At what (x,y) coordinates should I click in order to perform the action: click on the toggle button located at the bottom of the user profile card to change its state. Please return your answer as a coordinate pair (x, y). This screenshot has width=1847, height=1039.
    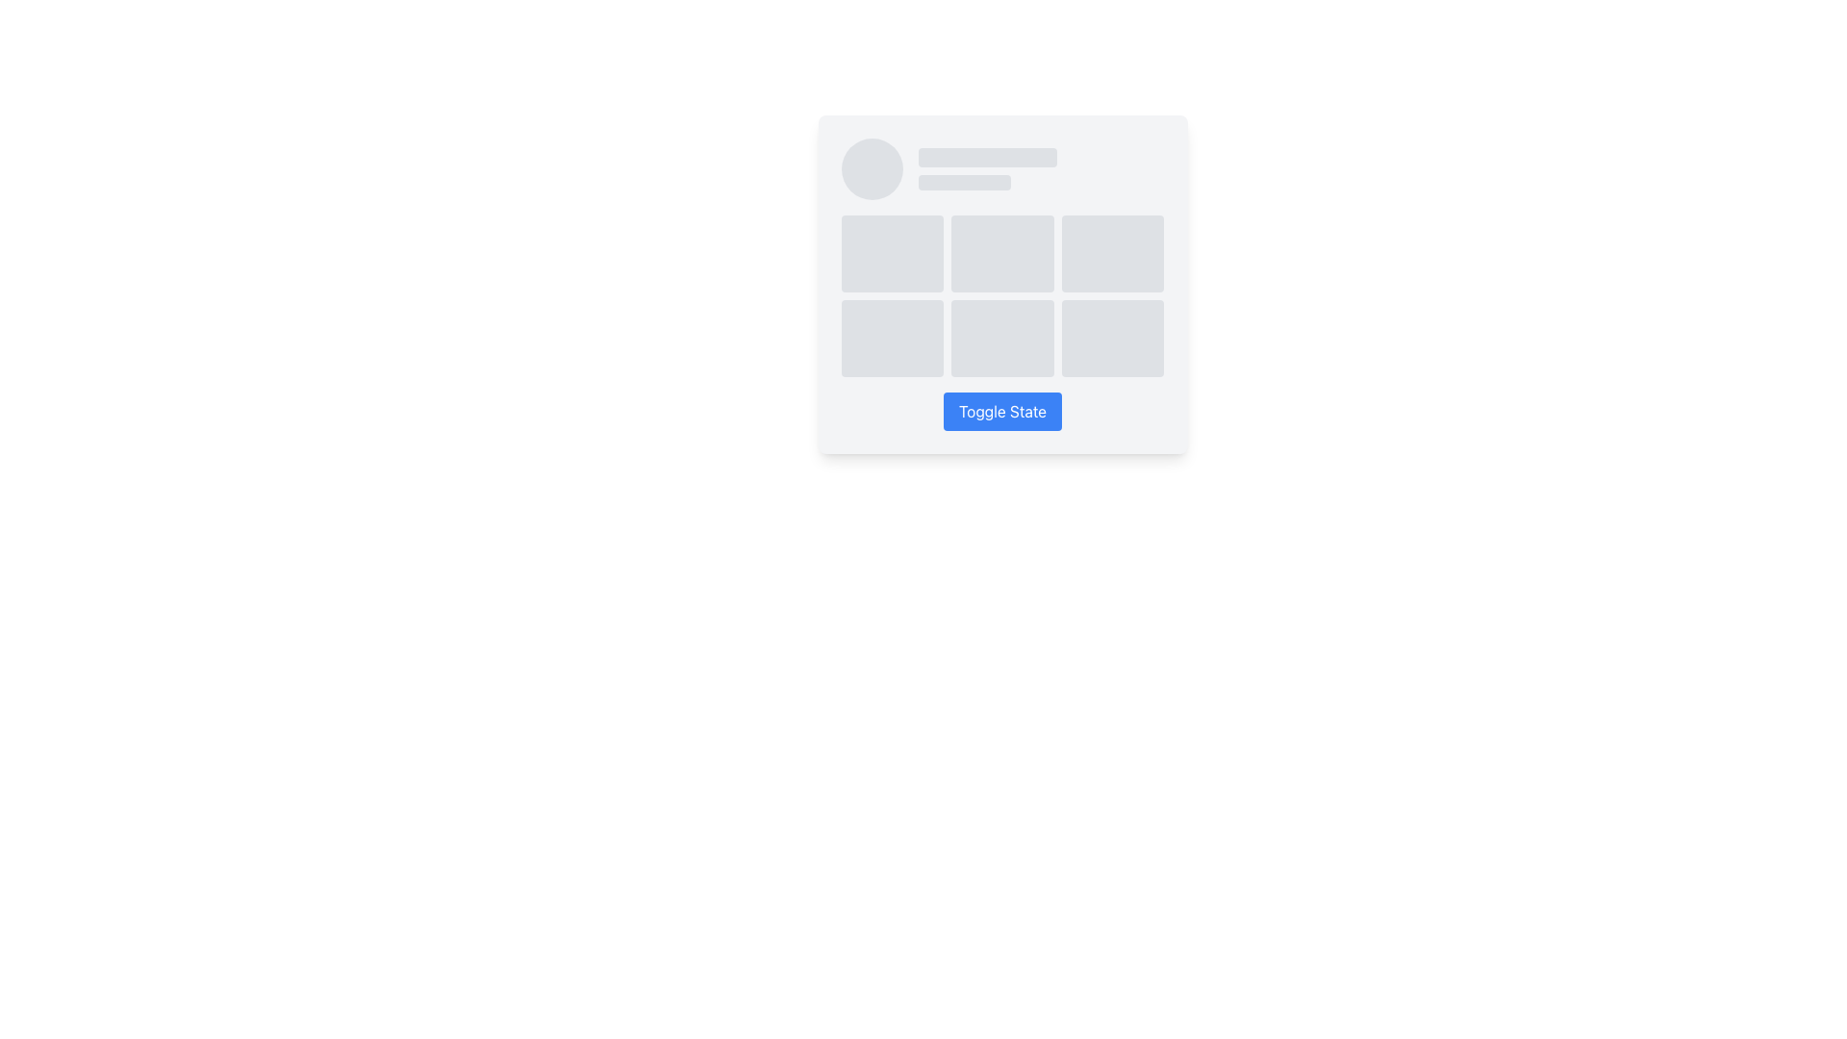
    Looking at the image, I should click on (1001, 411).